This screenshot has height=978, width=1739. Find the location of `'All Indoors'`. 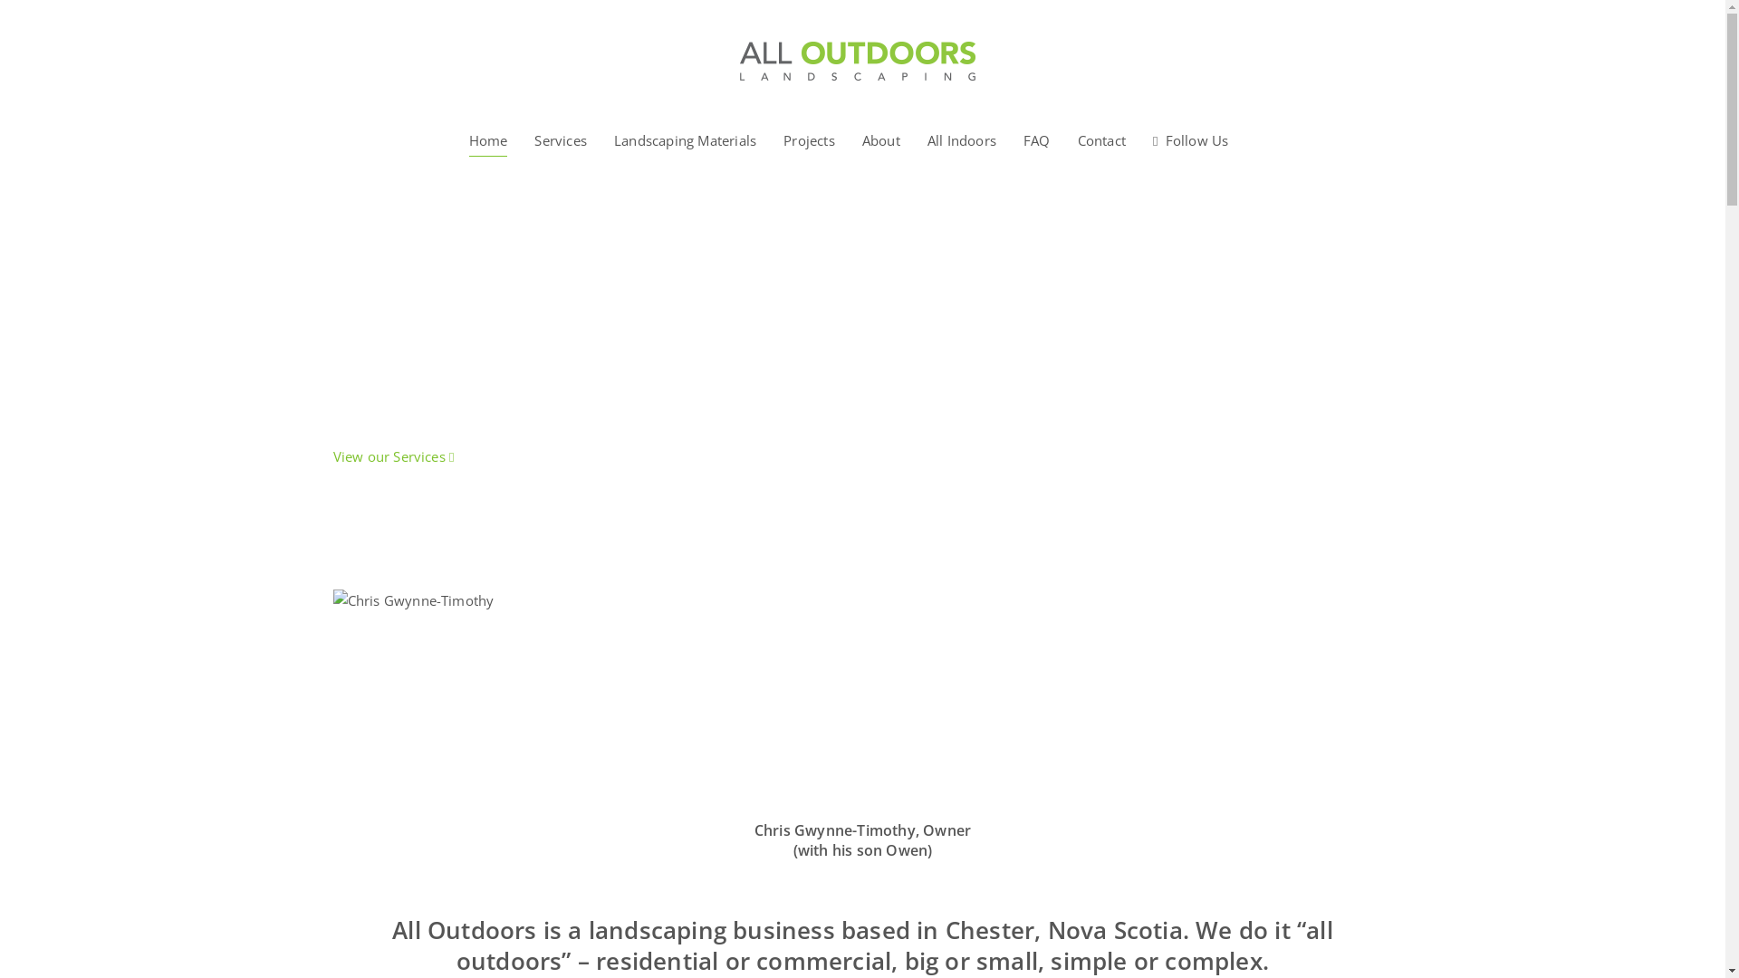

'All Indoors' is located at coordinates (960, 139).